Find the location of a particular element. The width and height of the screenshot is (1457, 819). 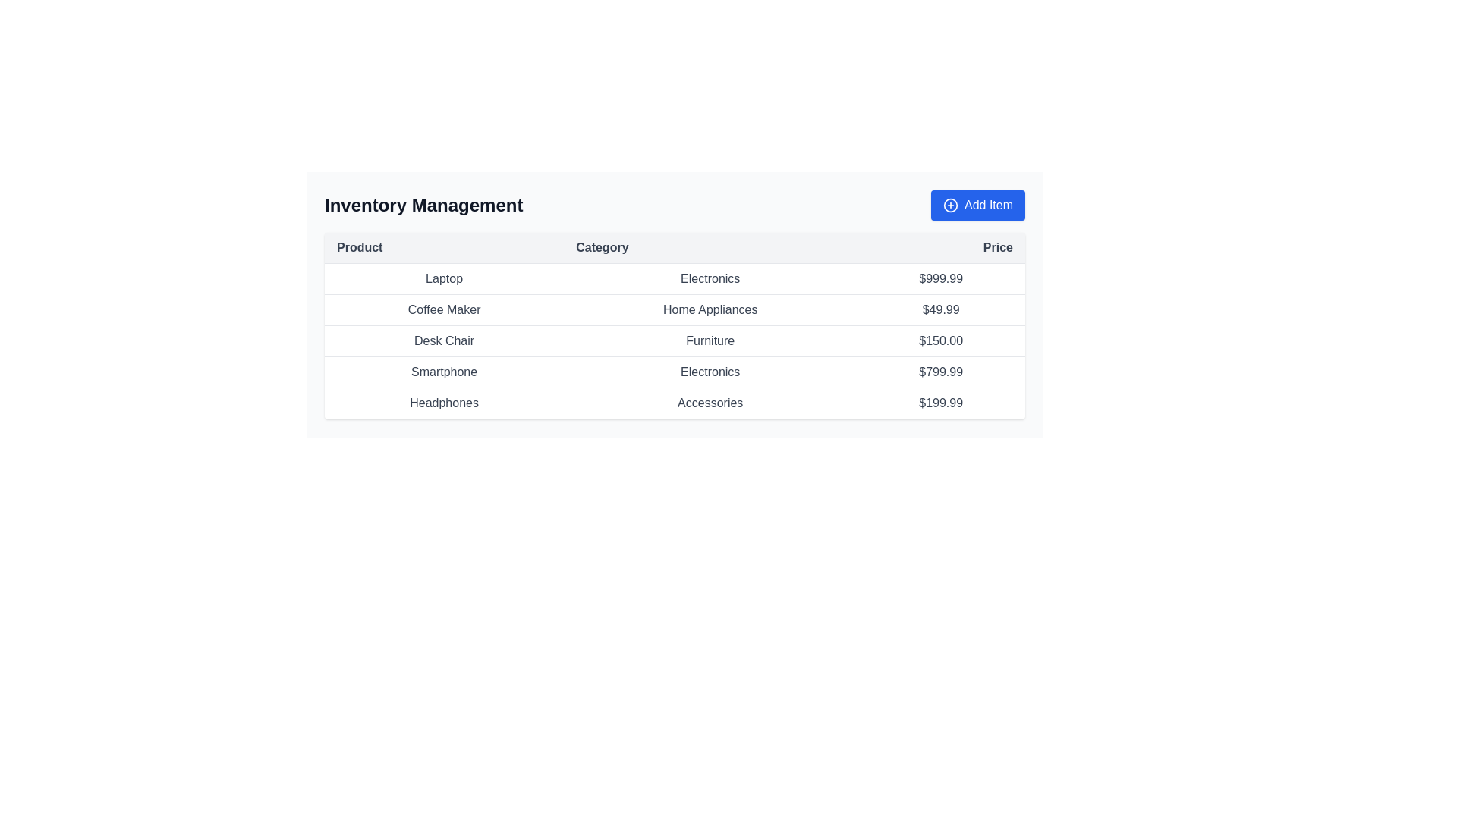

the third row of the table which contains 'Desk Chair', 'Furniture', and '$150.00' located at the center of the page is located at coordinates (674, 341).